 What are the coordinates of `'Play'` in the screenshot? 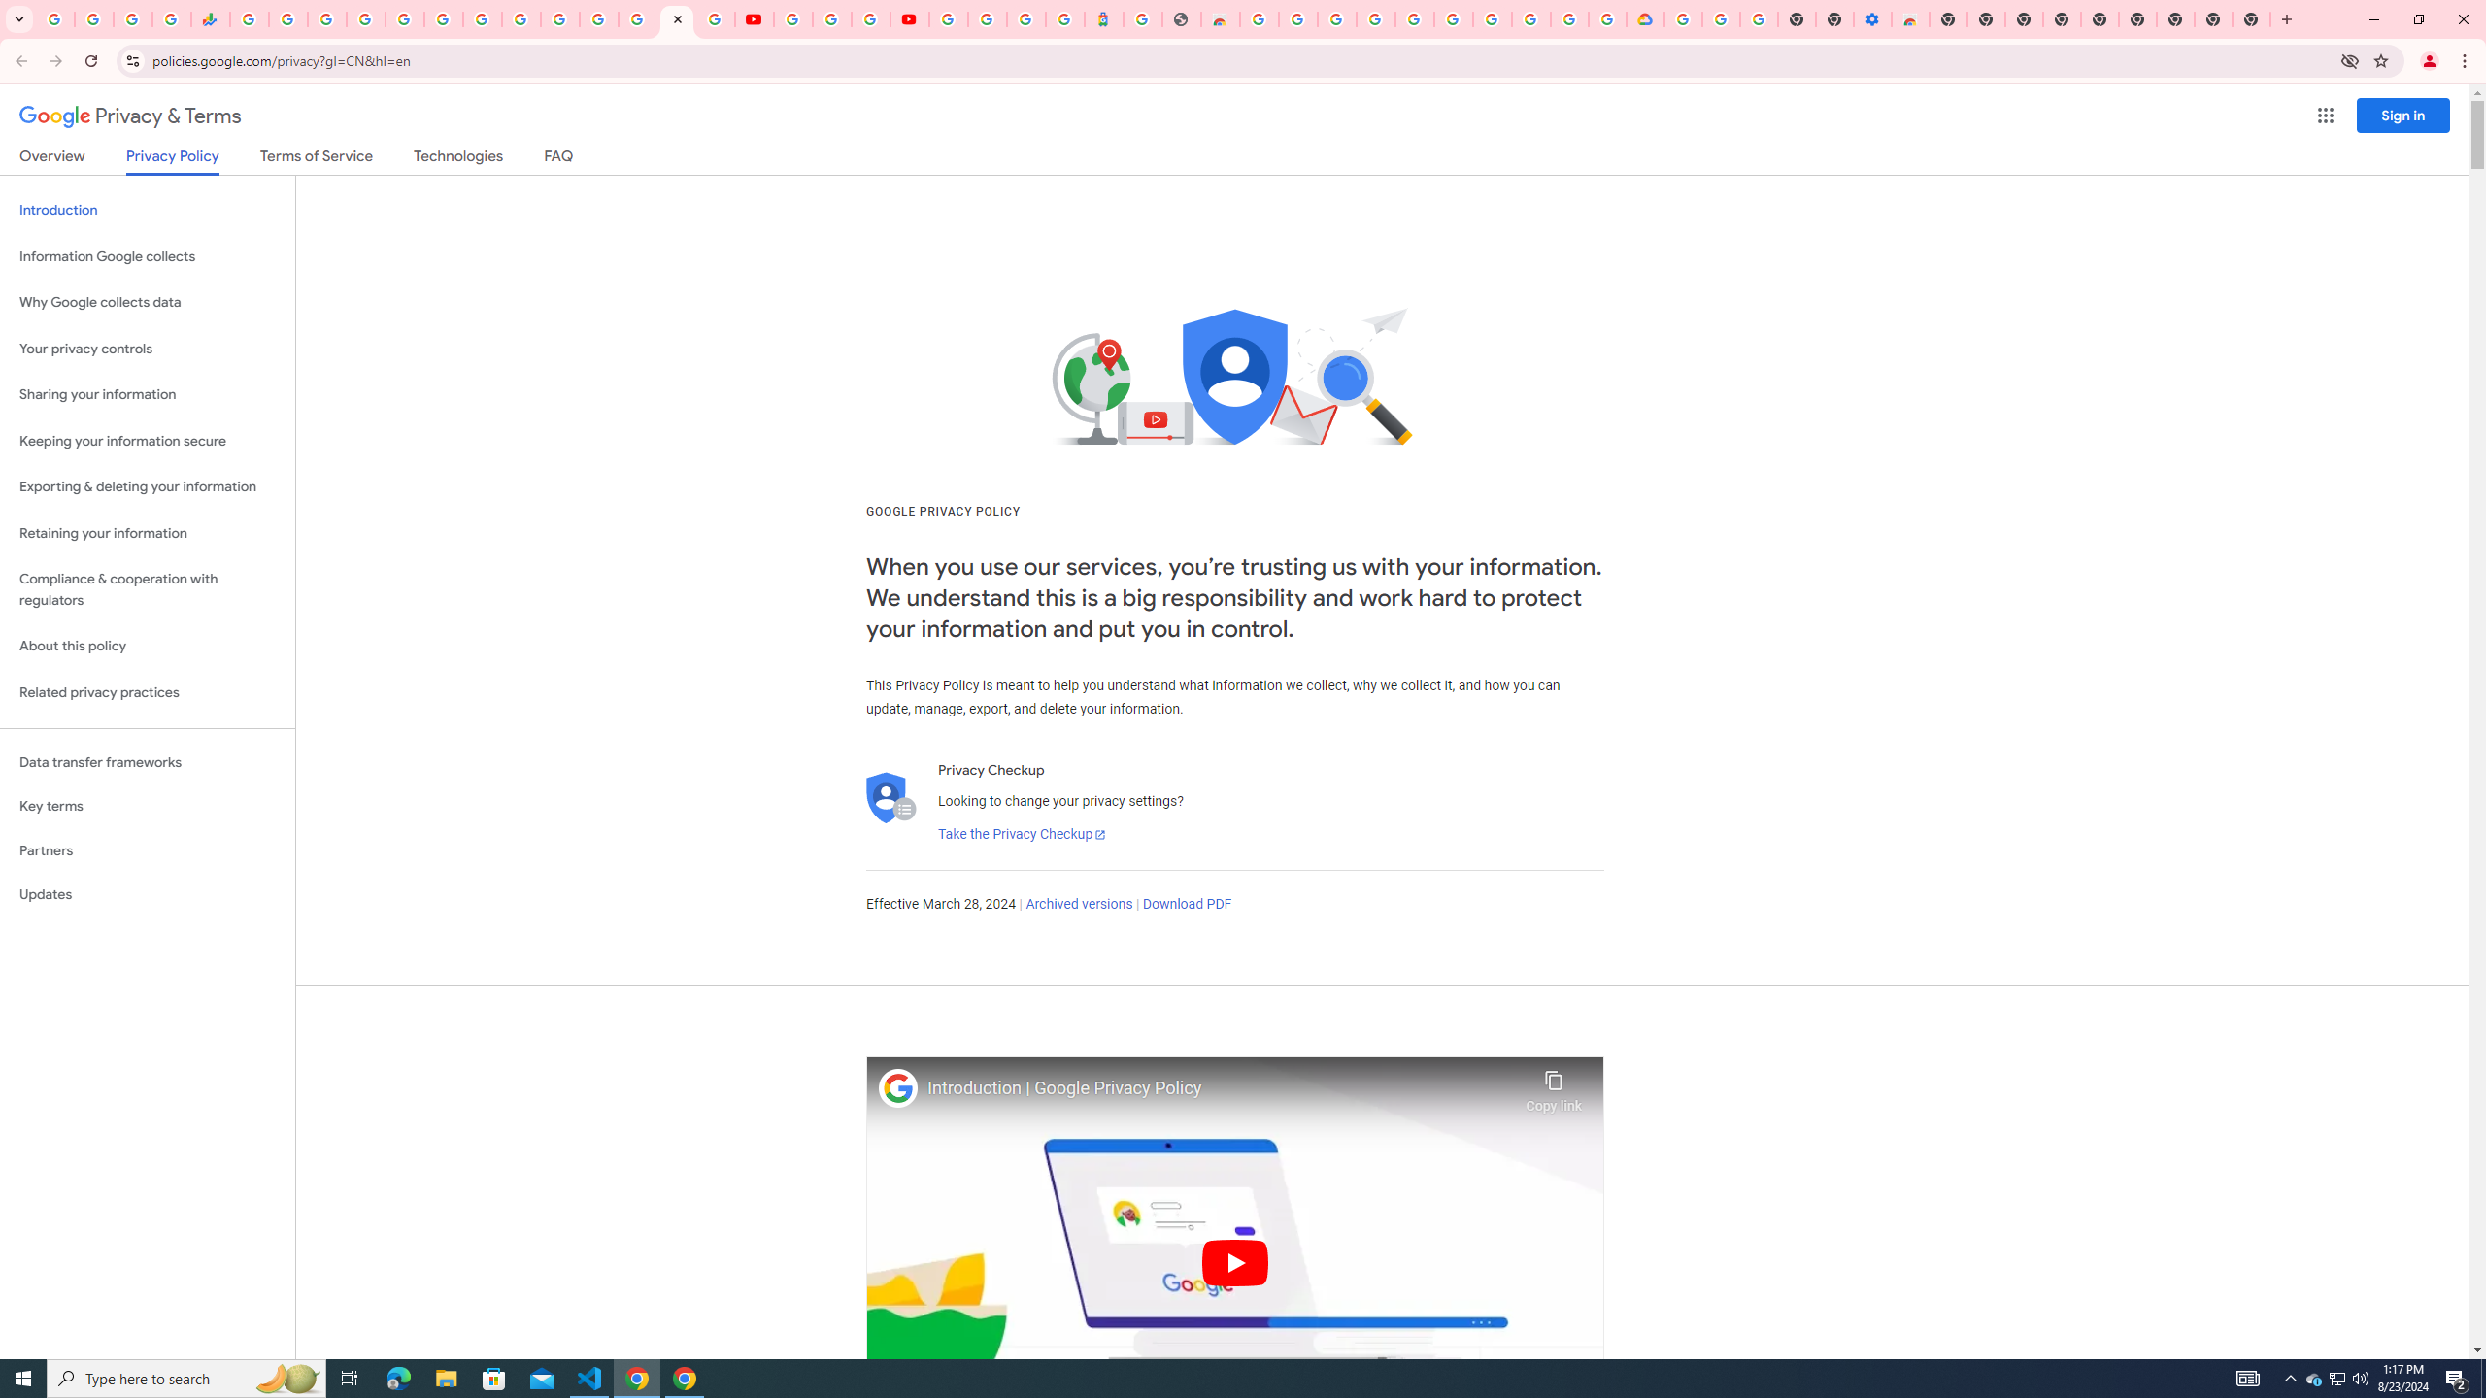 It's located at (1234, 1261).